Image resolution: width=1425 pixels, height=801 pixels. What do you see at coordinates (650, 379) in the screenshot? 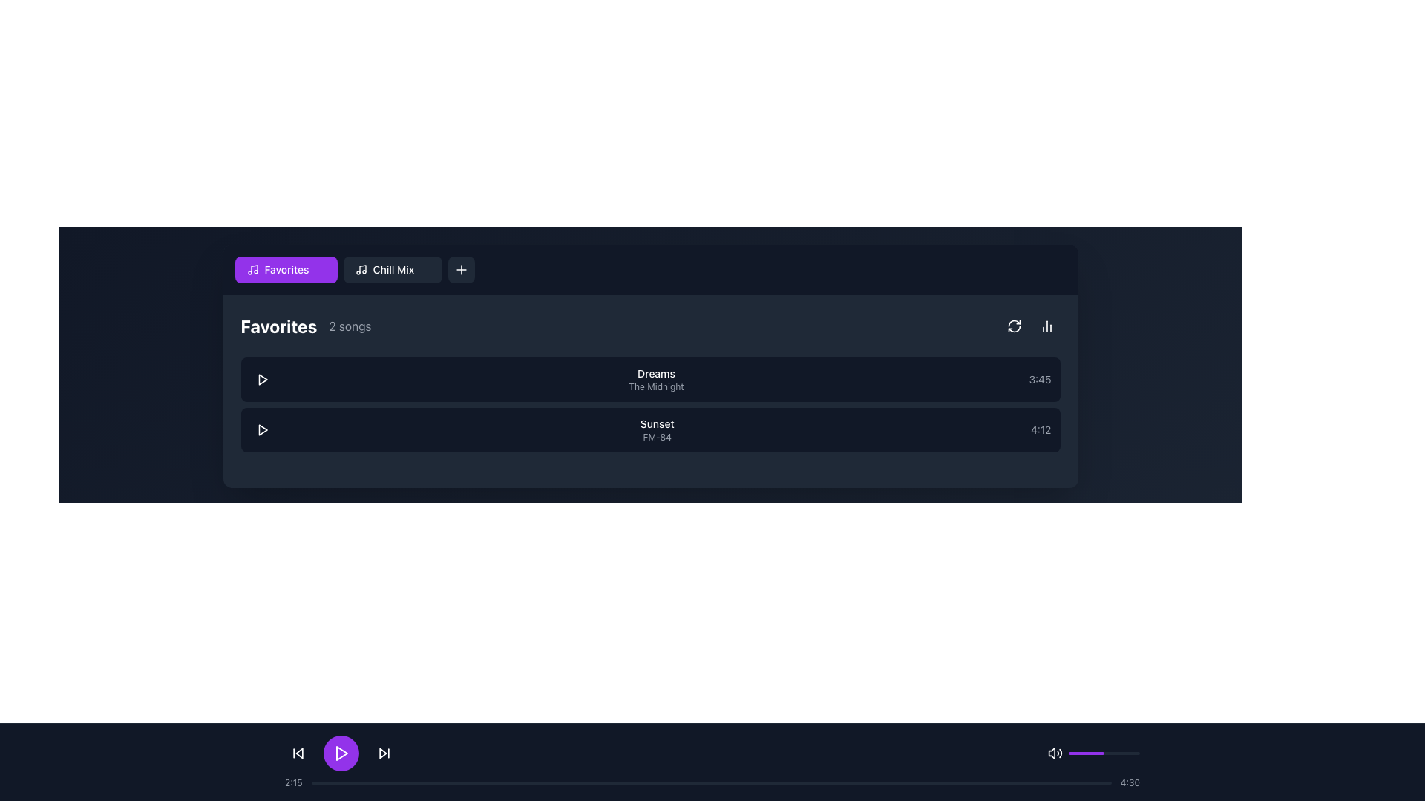
I see `the first list item for the song 'Dreams' by 'The Midnight'` at bounding box center [650, 379].